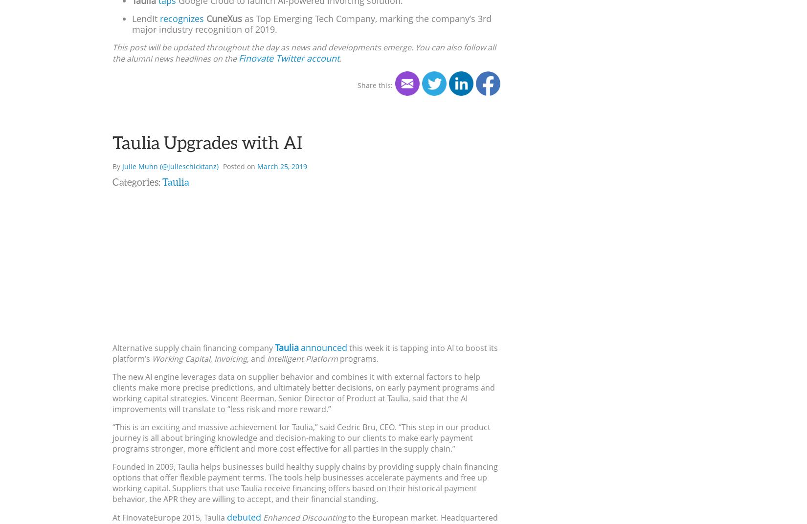 Image resolution: width=807 pixels, height=524 pixels. I want to click on 'Categories:', so click(137, 181).